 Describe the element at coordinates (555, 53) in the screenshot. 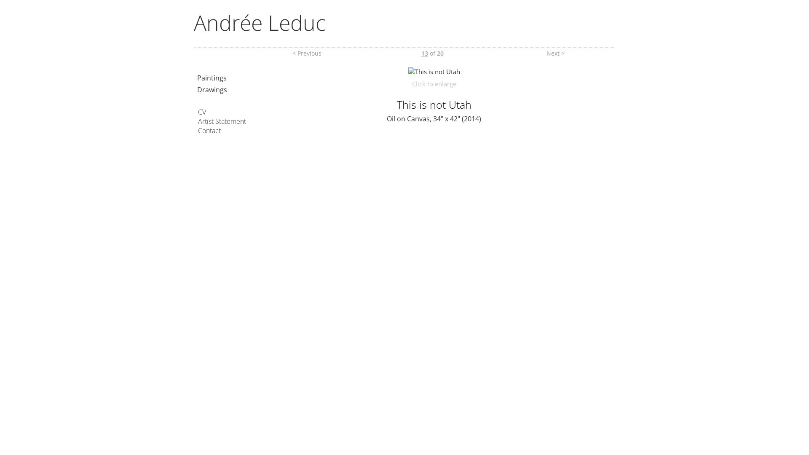

I see `'Next >'` at that location.